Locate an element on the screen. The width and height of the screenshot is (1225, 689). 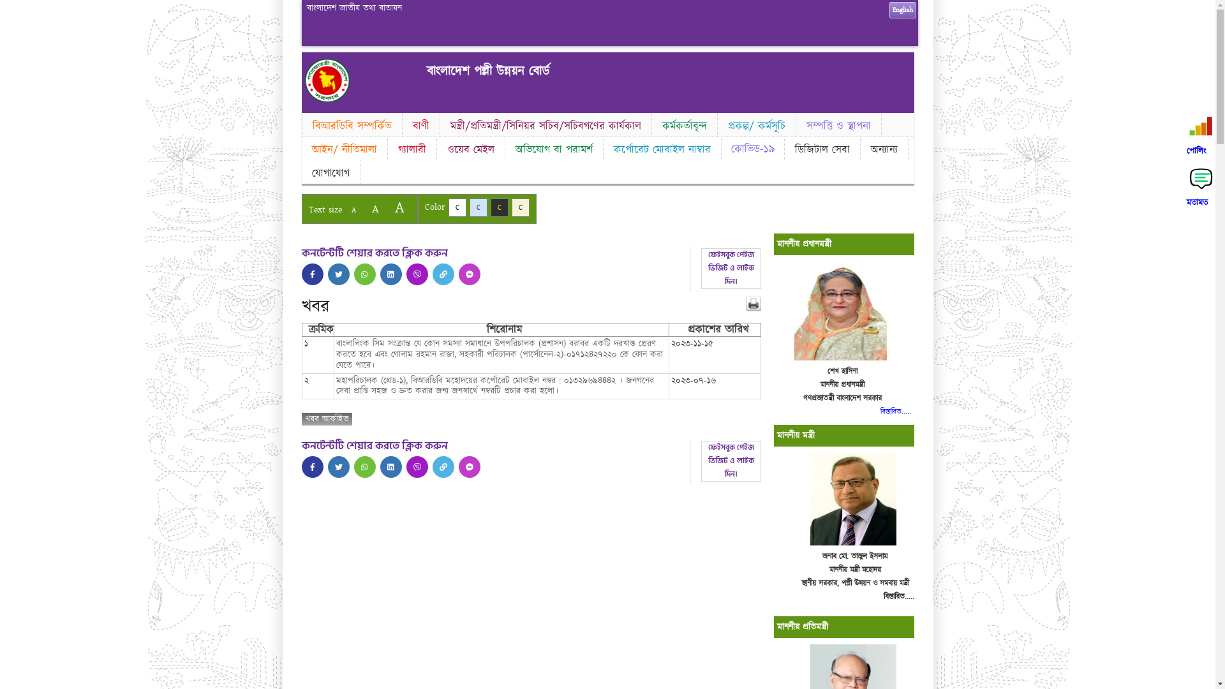
'A' is located at coordinates (398, 207).